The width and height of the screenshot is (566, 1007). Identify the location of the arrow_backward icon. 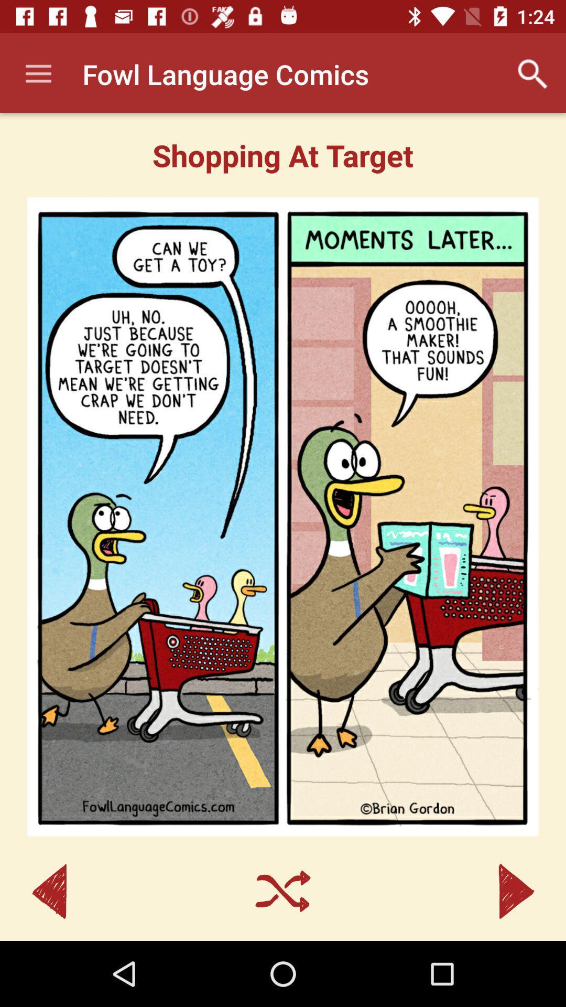
(49, 891).